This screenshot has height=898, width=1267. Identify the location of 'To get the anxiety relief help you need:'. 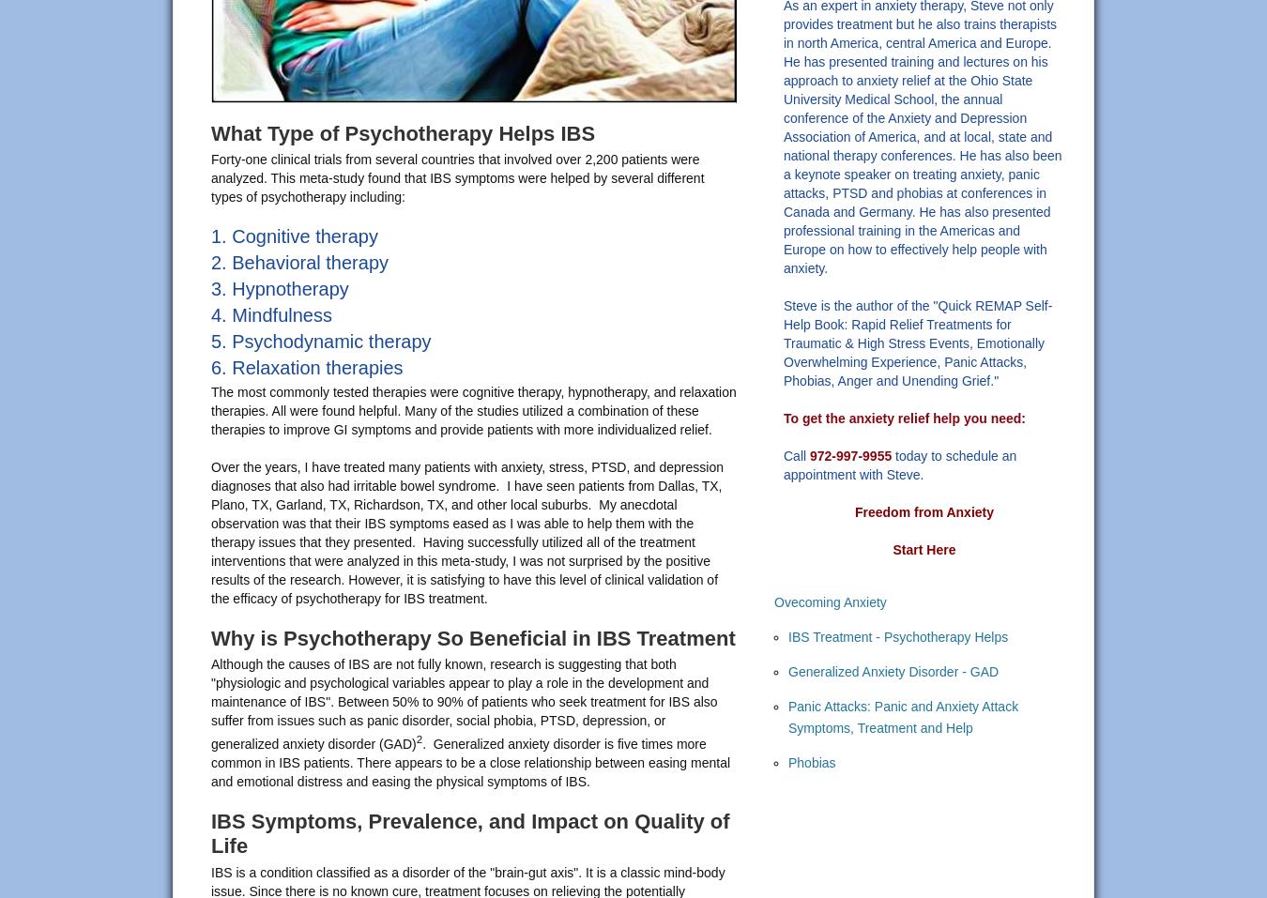
(904, 417).